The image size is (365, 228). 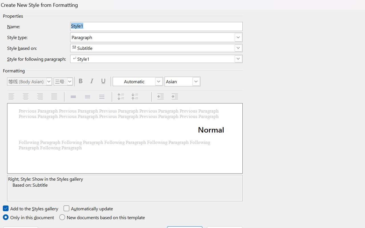 What do you see at coordinates (40, 97) in the screenshot?
I see `'Align Right'` at bounding box center [40, 97].